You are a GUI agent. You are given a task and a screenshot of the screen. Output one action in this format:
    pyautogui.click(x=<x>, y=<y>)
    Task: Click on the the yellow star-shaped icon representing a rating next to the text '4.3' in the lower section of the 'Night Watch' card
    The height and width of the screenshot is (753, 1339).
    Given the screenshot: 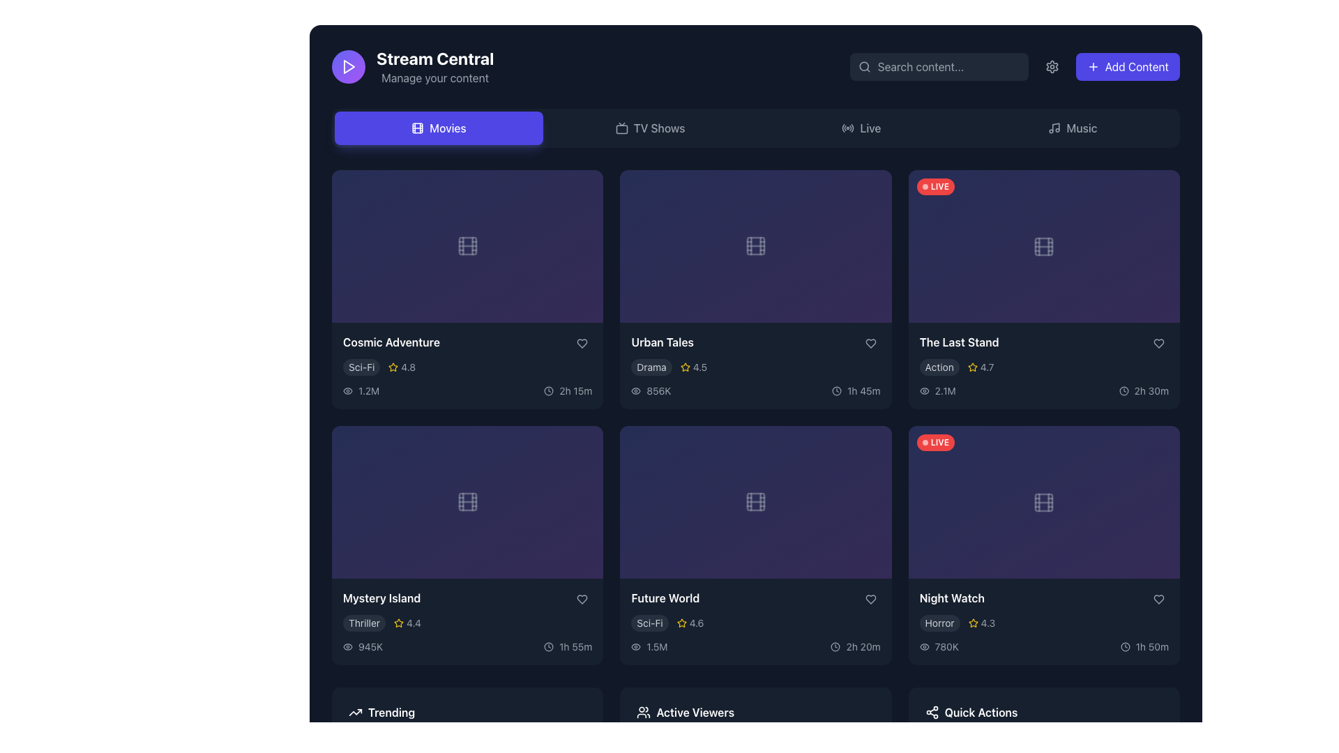 What is the action you would take?
    pyautogui.click(x=972, y=623)
    